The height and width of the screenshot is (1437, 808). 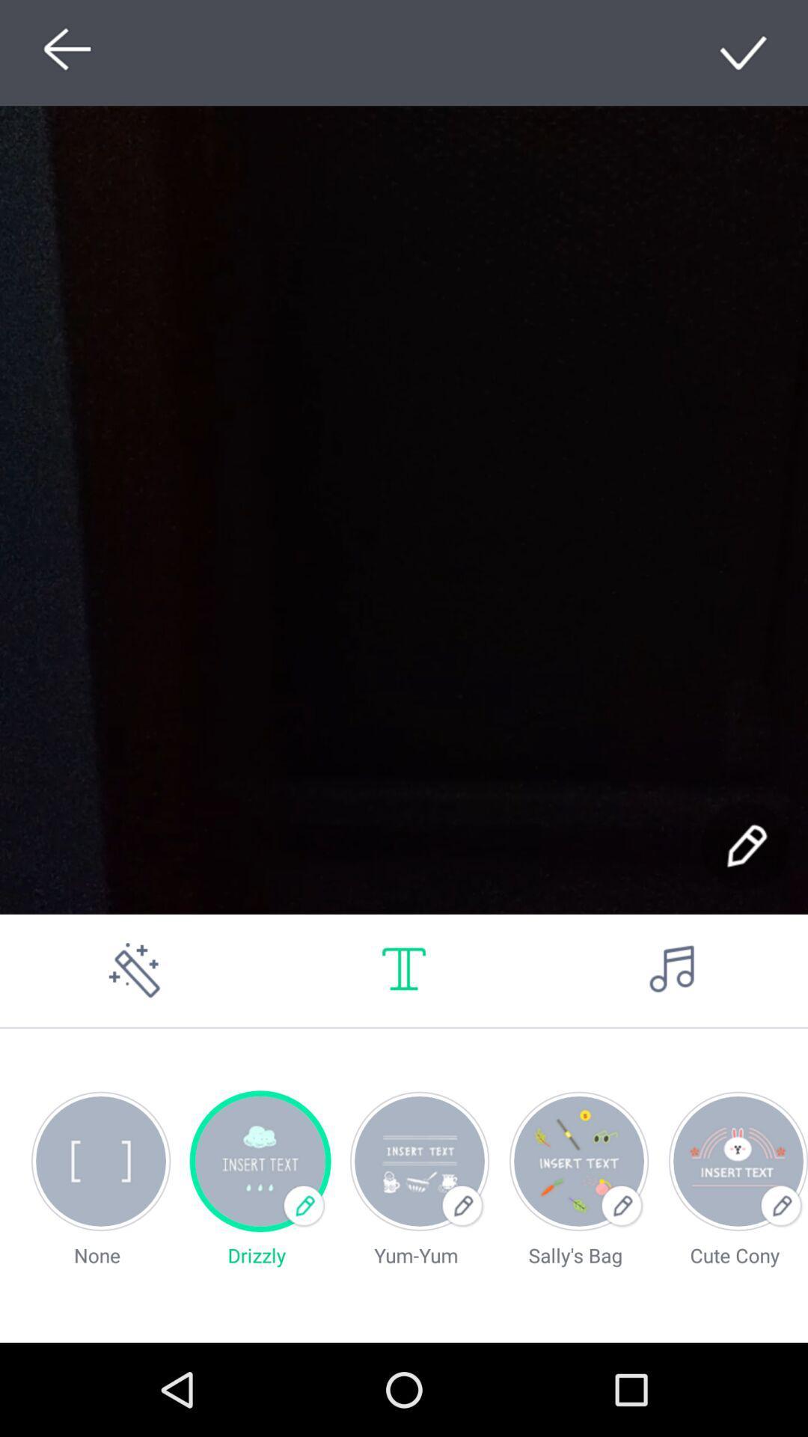 What do you see at coordinates (672, 970) in the screenshot?
I see `music` at bounding box center [672, 970].